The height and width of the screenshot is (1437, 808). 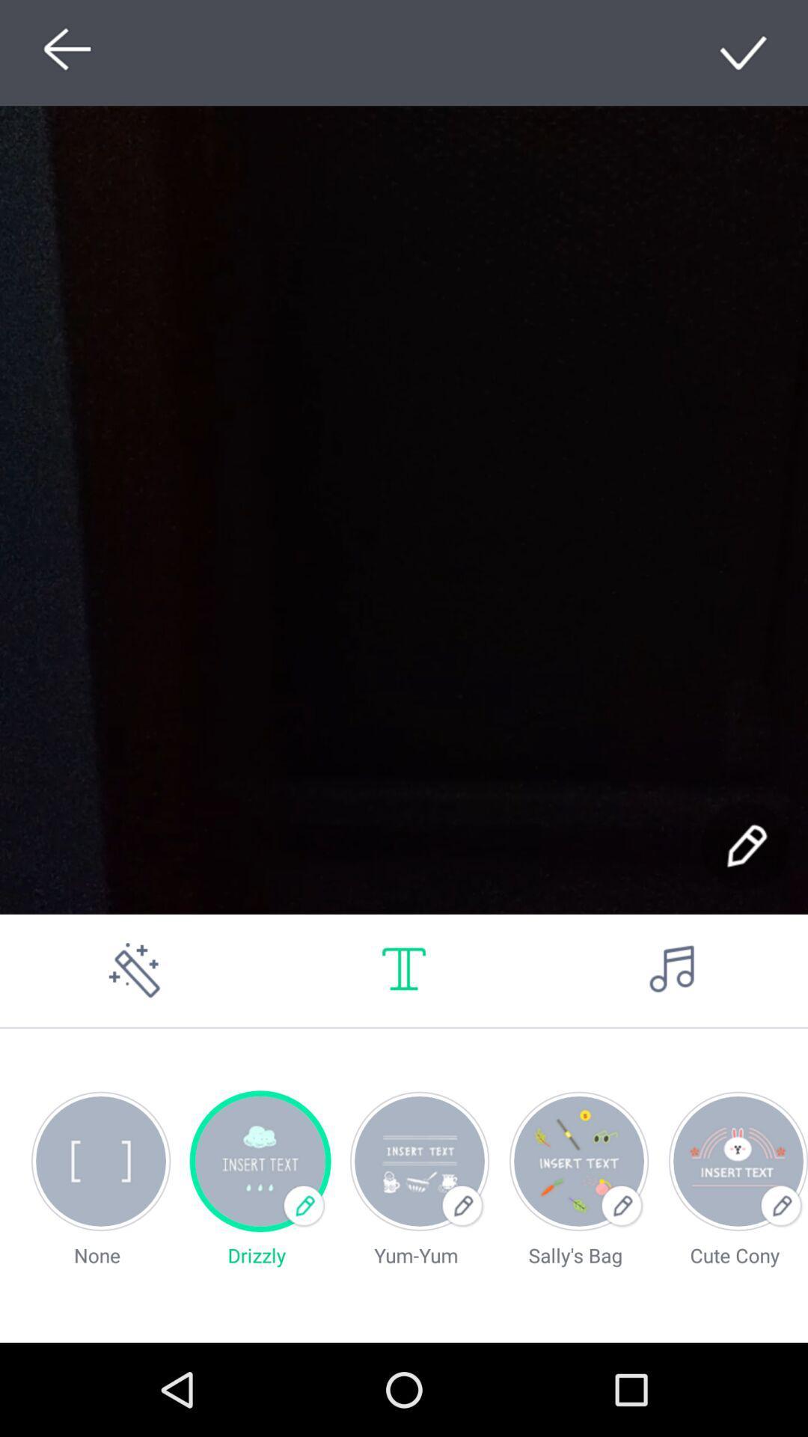 What do you see at coordinates (672, 970) in the screenshot?
I see `music` at bounding box center [672, 970].